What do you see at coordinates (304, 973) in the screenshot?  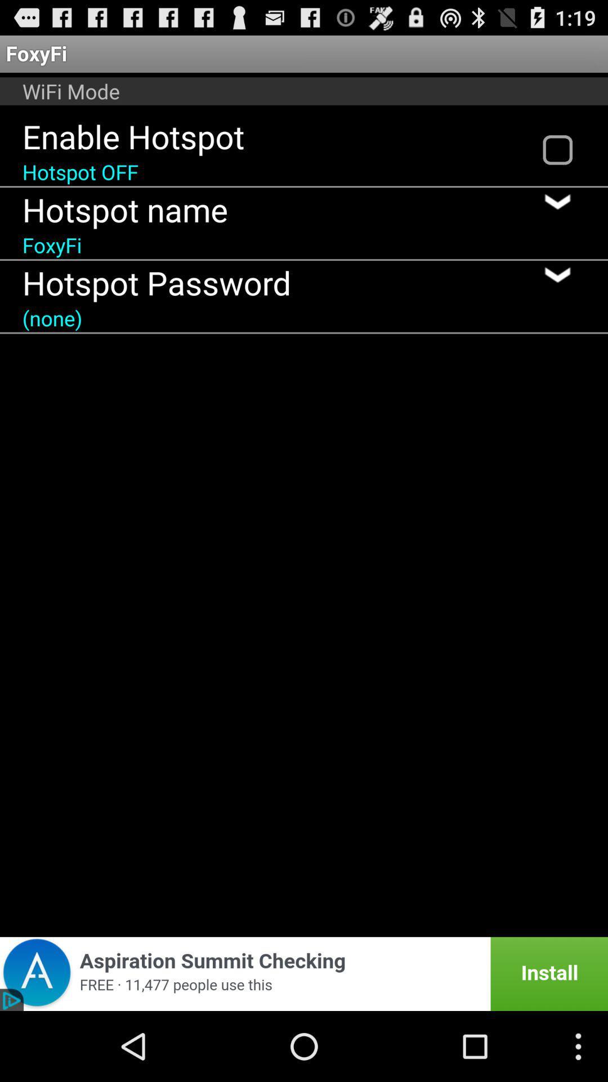 I see `app advertisement popup` at bounding box center [304, 973].